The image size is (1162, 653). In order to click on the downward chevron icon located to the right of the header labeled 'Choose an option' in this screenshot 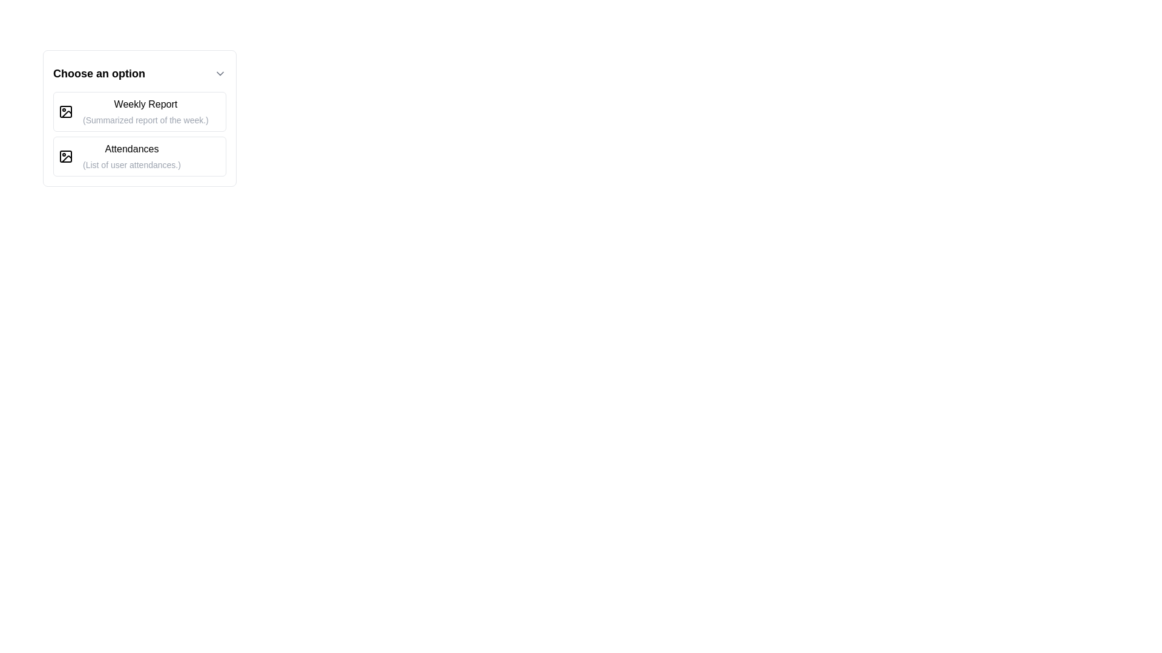, I will do `click(220, 74)`.